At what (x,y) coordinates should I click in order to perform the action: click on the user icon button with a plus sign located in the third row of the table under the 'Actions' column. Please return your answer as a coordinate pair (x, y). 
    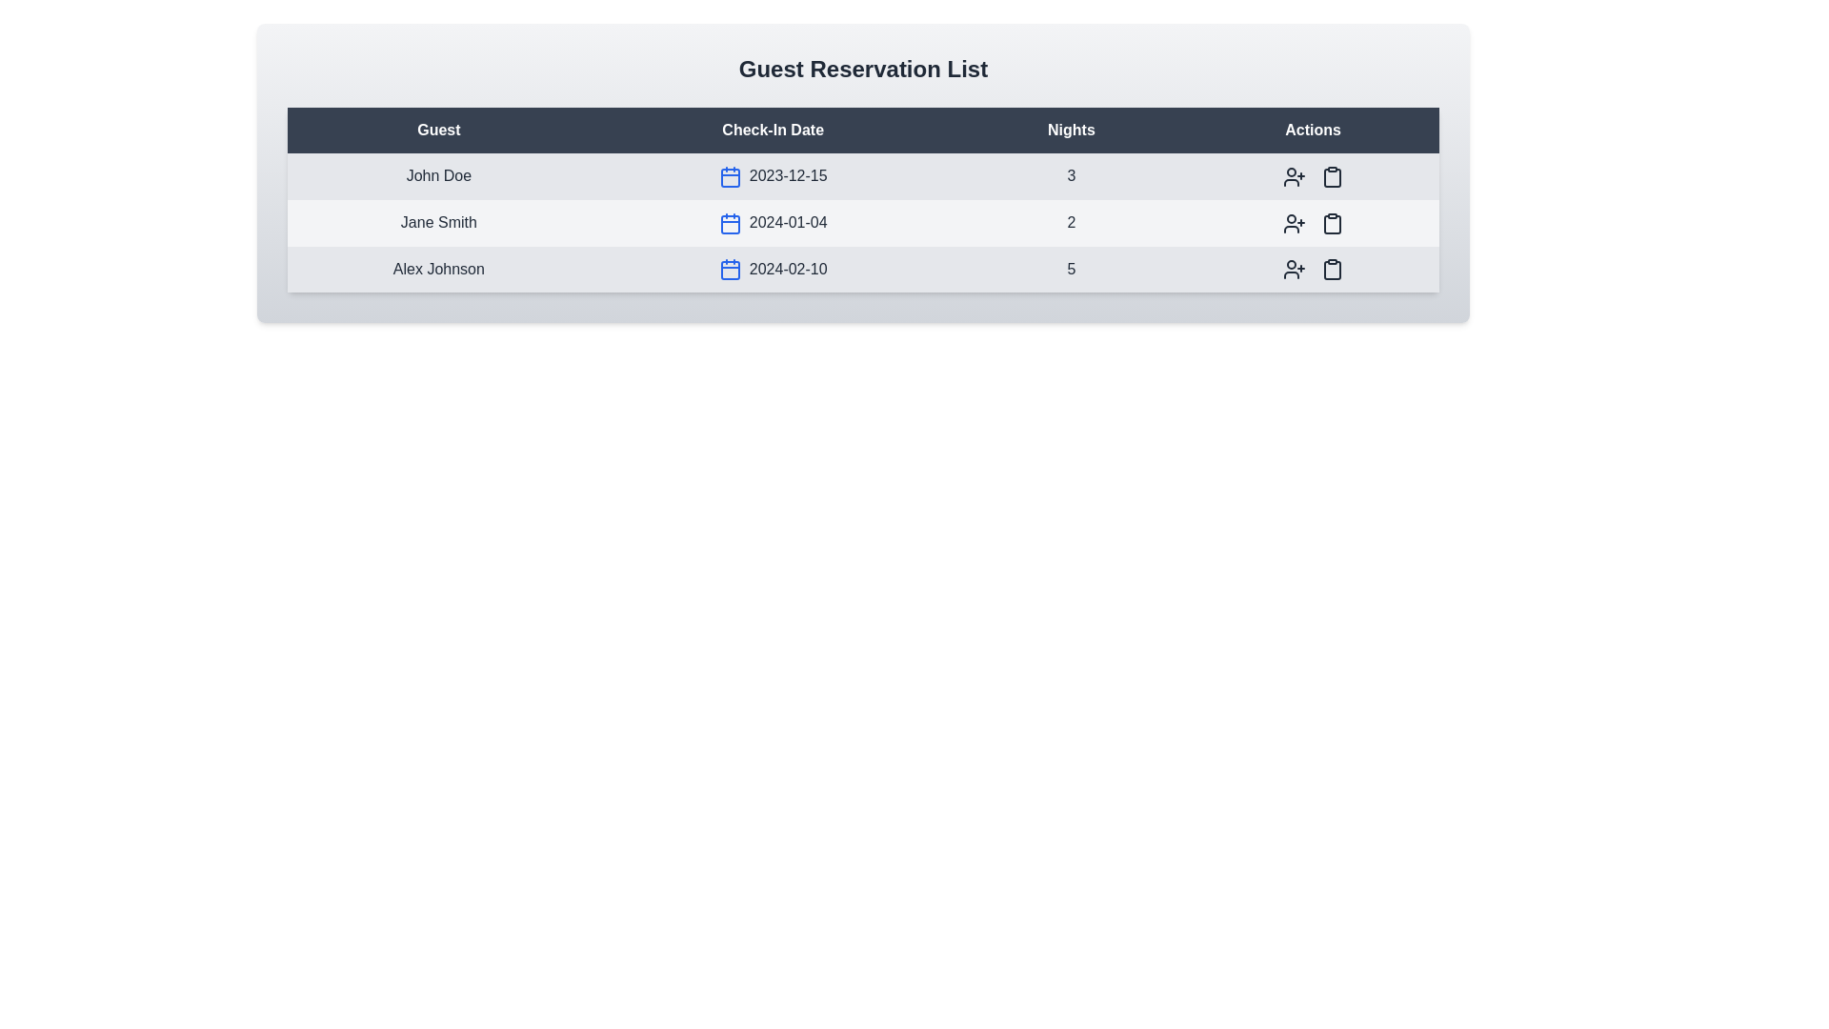
    Looking at the image, I should click on (1294, 270).